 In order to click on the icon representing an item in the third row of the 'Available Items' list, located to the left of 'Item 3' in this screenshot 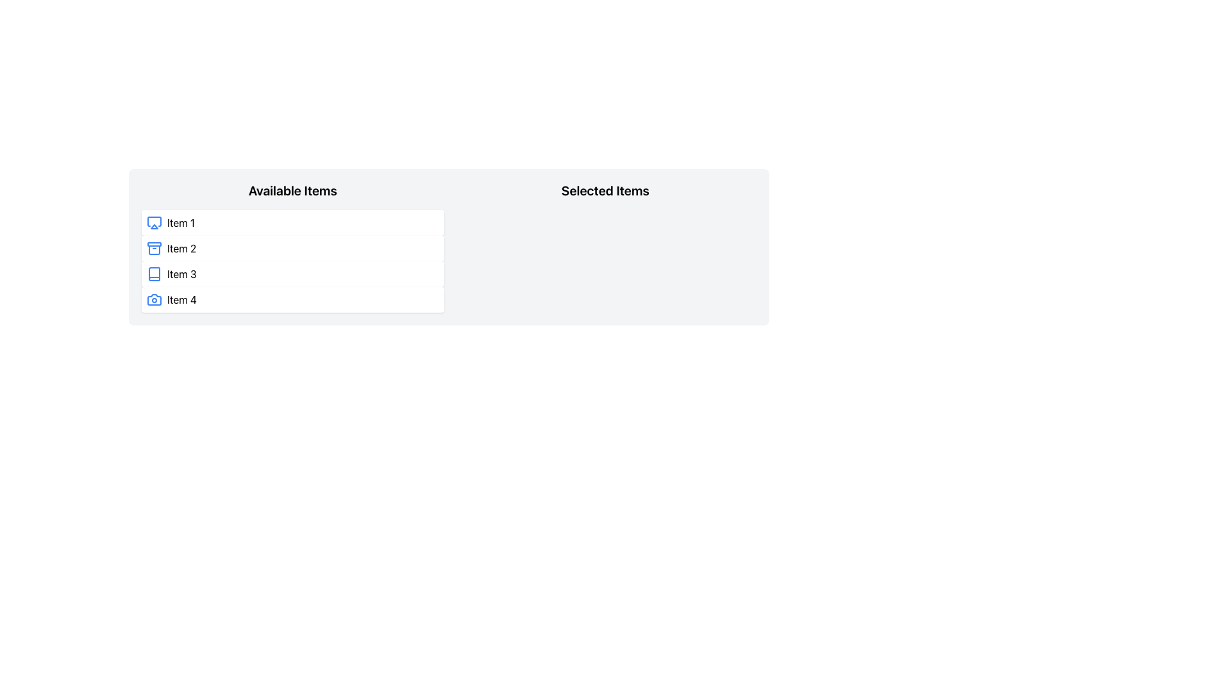, I will do `click(154, 274)`.